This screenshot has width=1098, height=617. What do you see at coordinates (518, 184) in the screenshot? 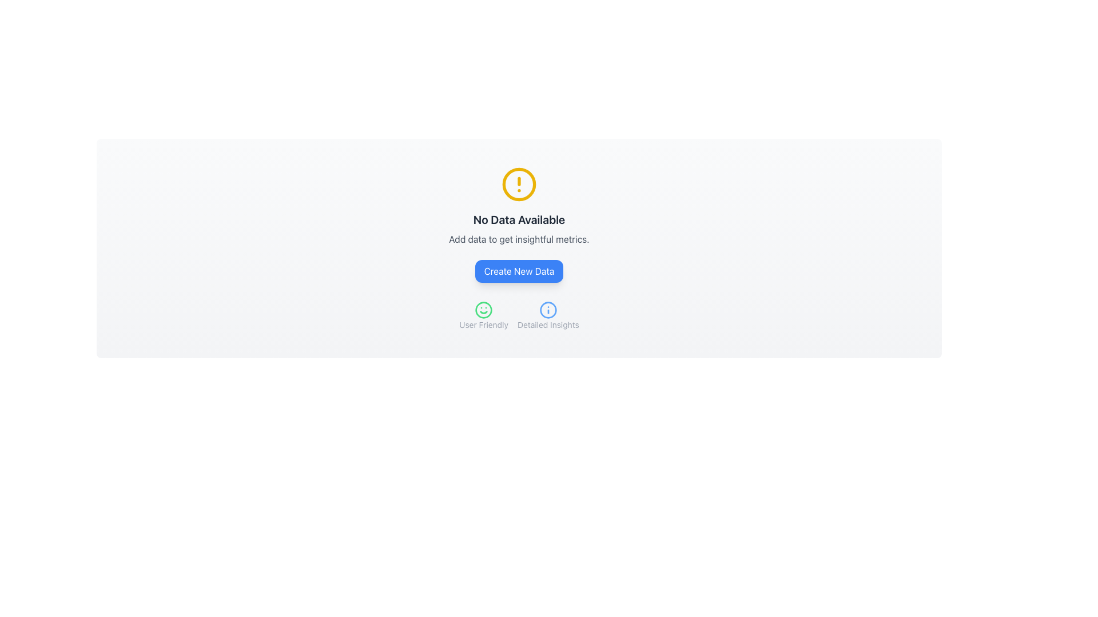
I see `the circular icon with a yellow stroke and a white background that contains an exclamation mark, located above the 'Create New Data' button` at bounding box center [518, 184].